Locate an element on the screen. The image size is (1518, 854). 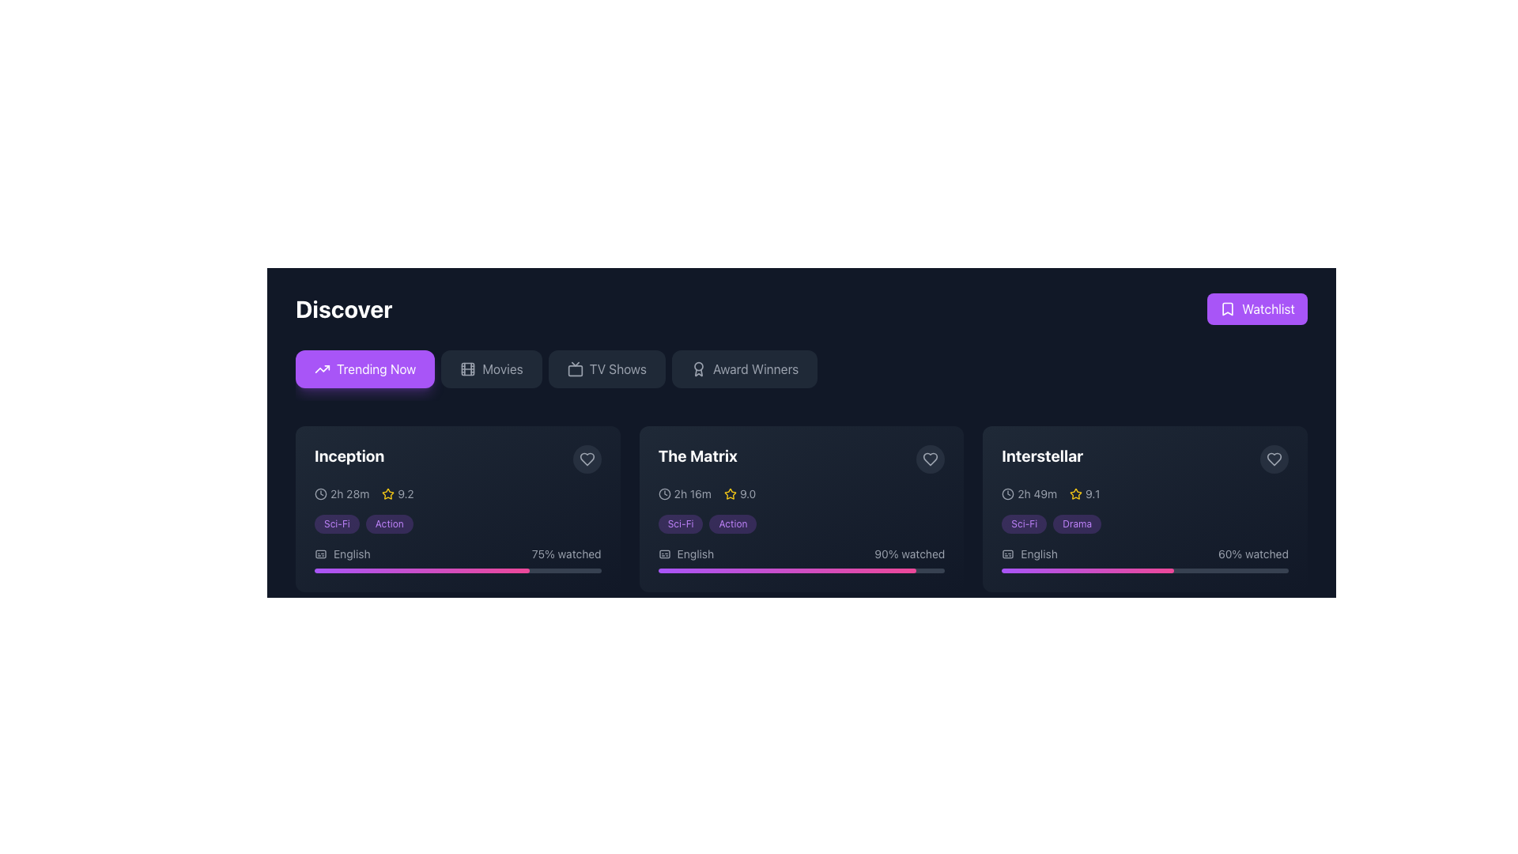
the second genre tag label associated with the movie 'Interstellar' for genre-specific actions or navigation is located at coordinates (1076, 524).